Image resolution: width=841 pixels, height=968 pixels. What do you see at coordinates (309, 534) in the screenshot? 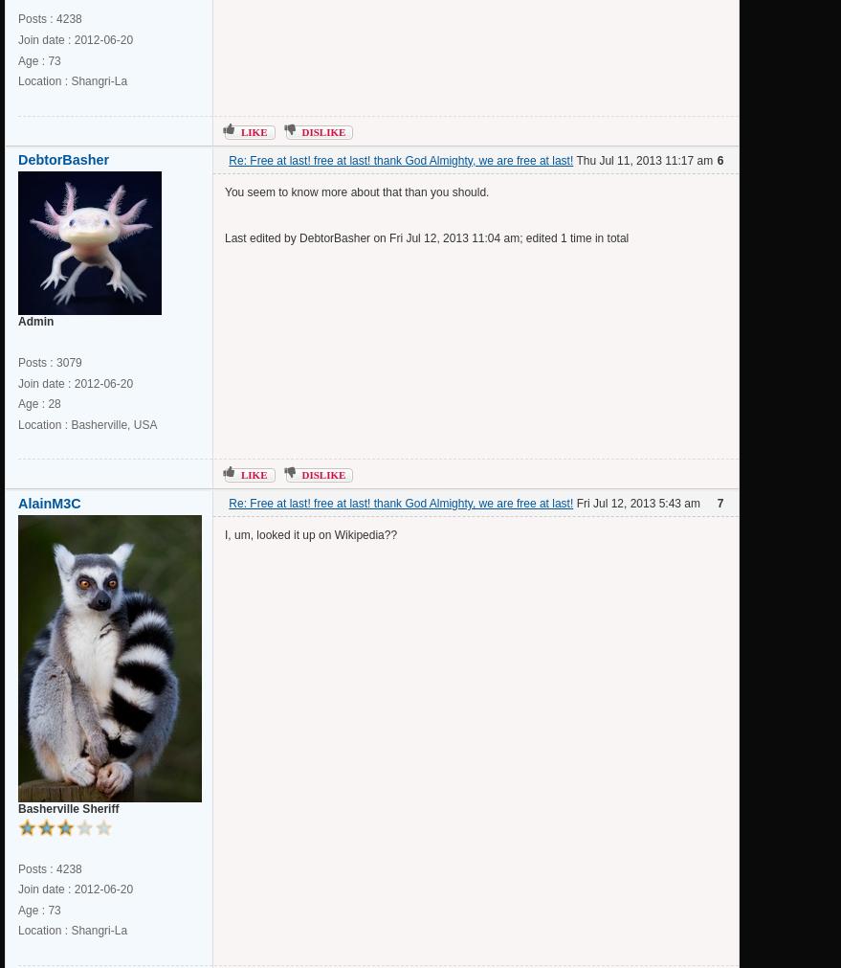
I see `'I, um, looked it up on Wikipedia??'` at bounding box center [309, 534].